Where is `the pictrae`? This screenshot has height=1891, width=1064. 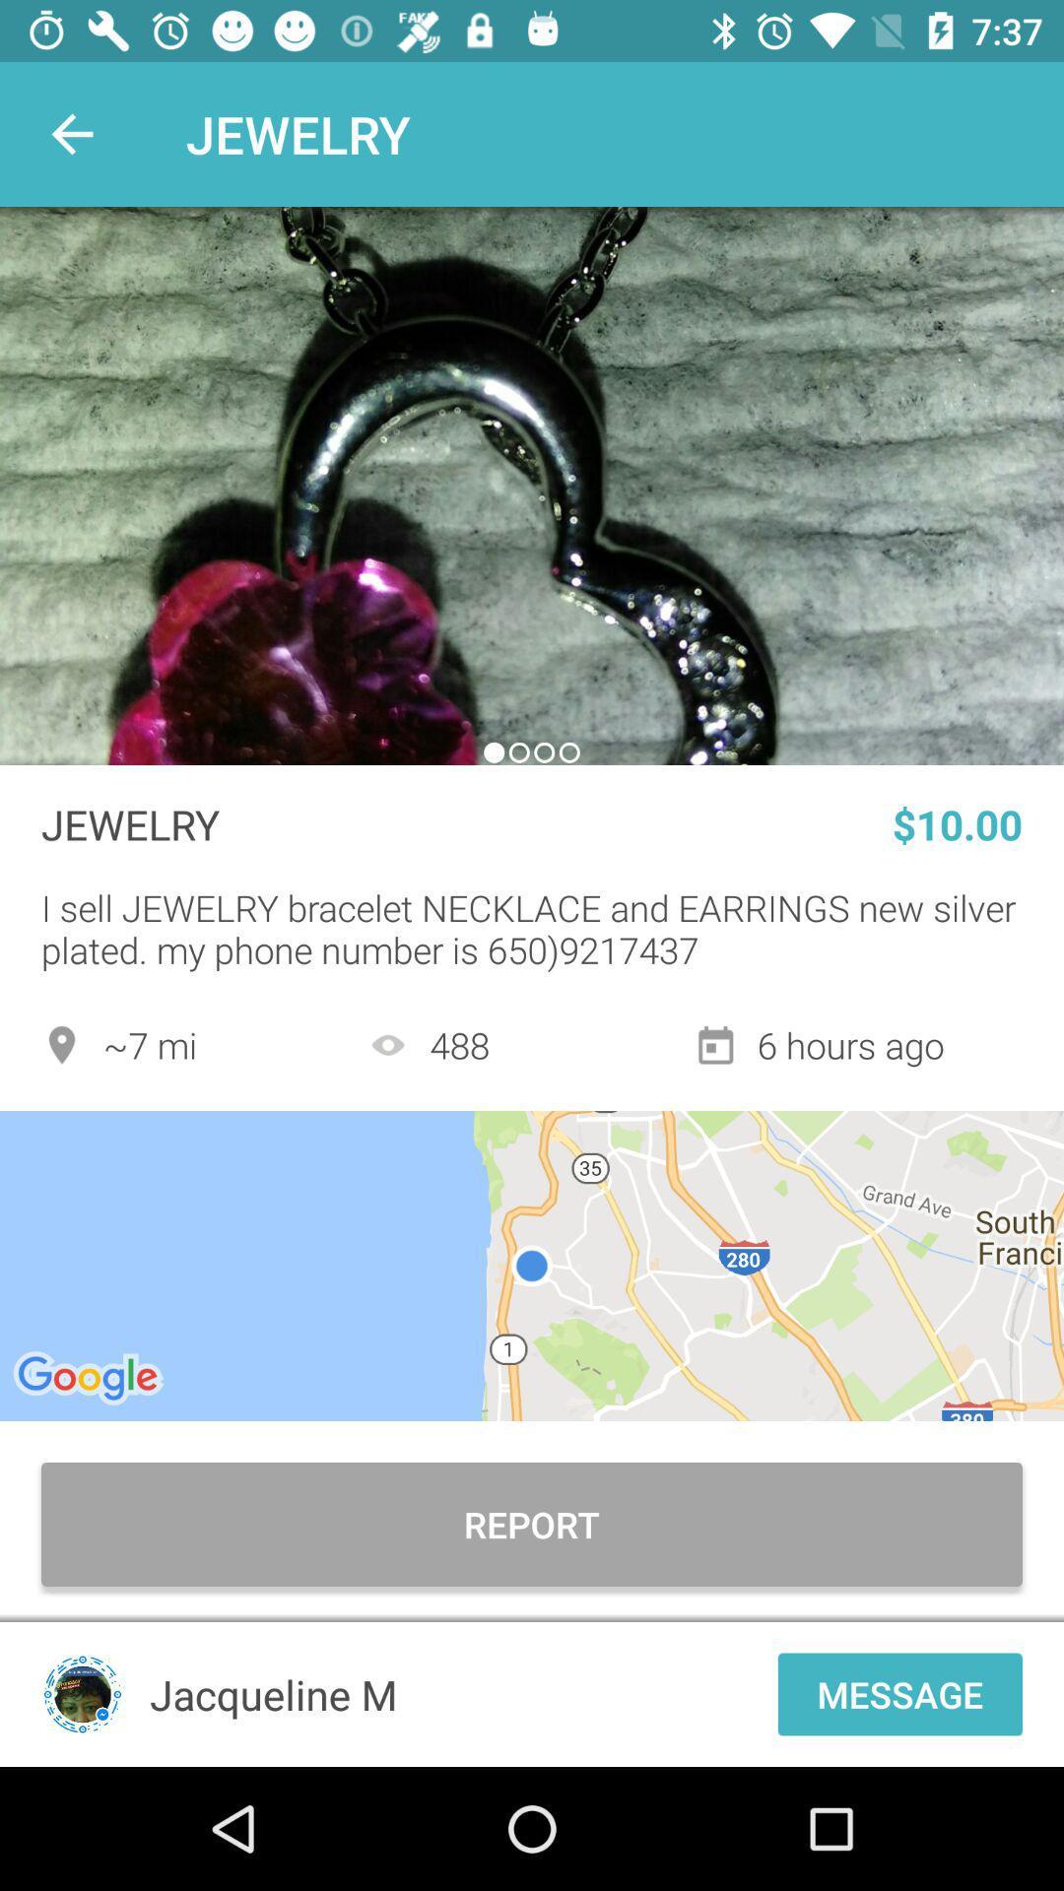
the pictrae is located at coordinates (532, 486).